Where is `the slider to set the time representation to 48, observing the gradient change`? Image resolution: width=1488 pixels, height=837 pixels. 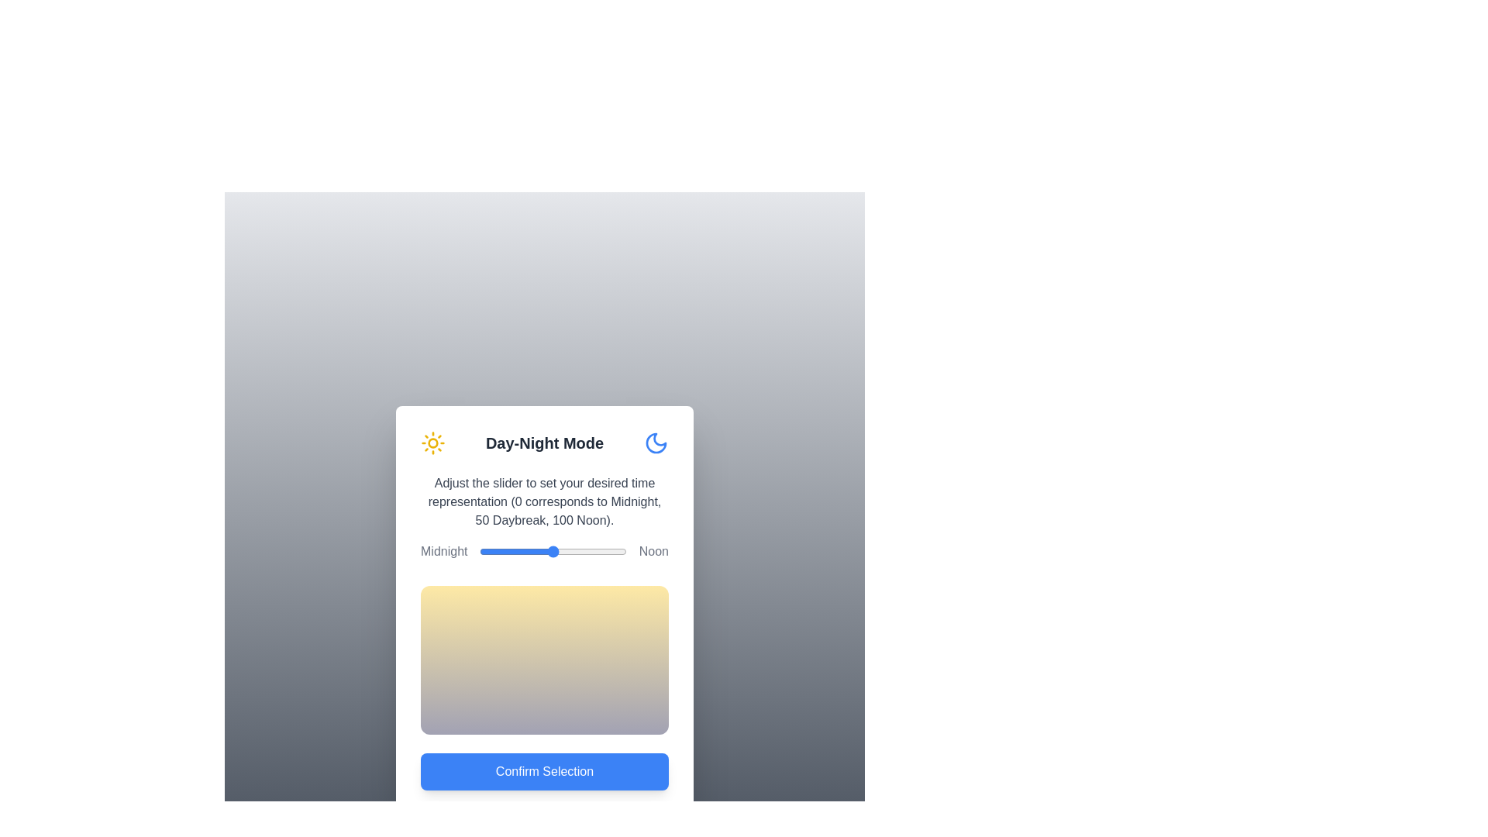
the slider to set the time representation to 48, observing the gradient change is located at coordinates (550, 551).